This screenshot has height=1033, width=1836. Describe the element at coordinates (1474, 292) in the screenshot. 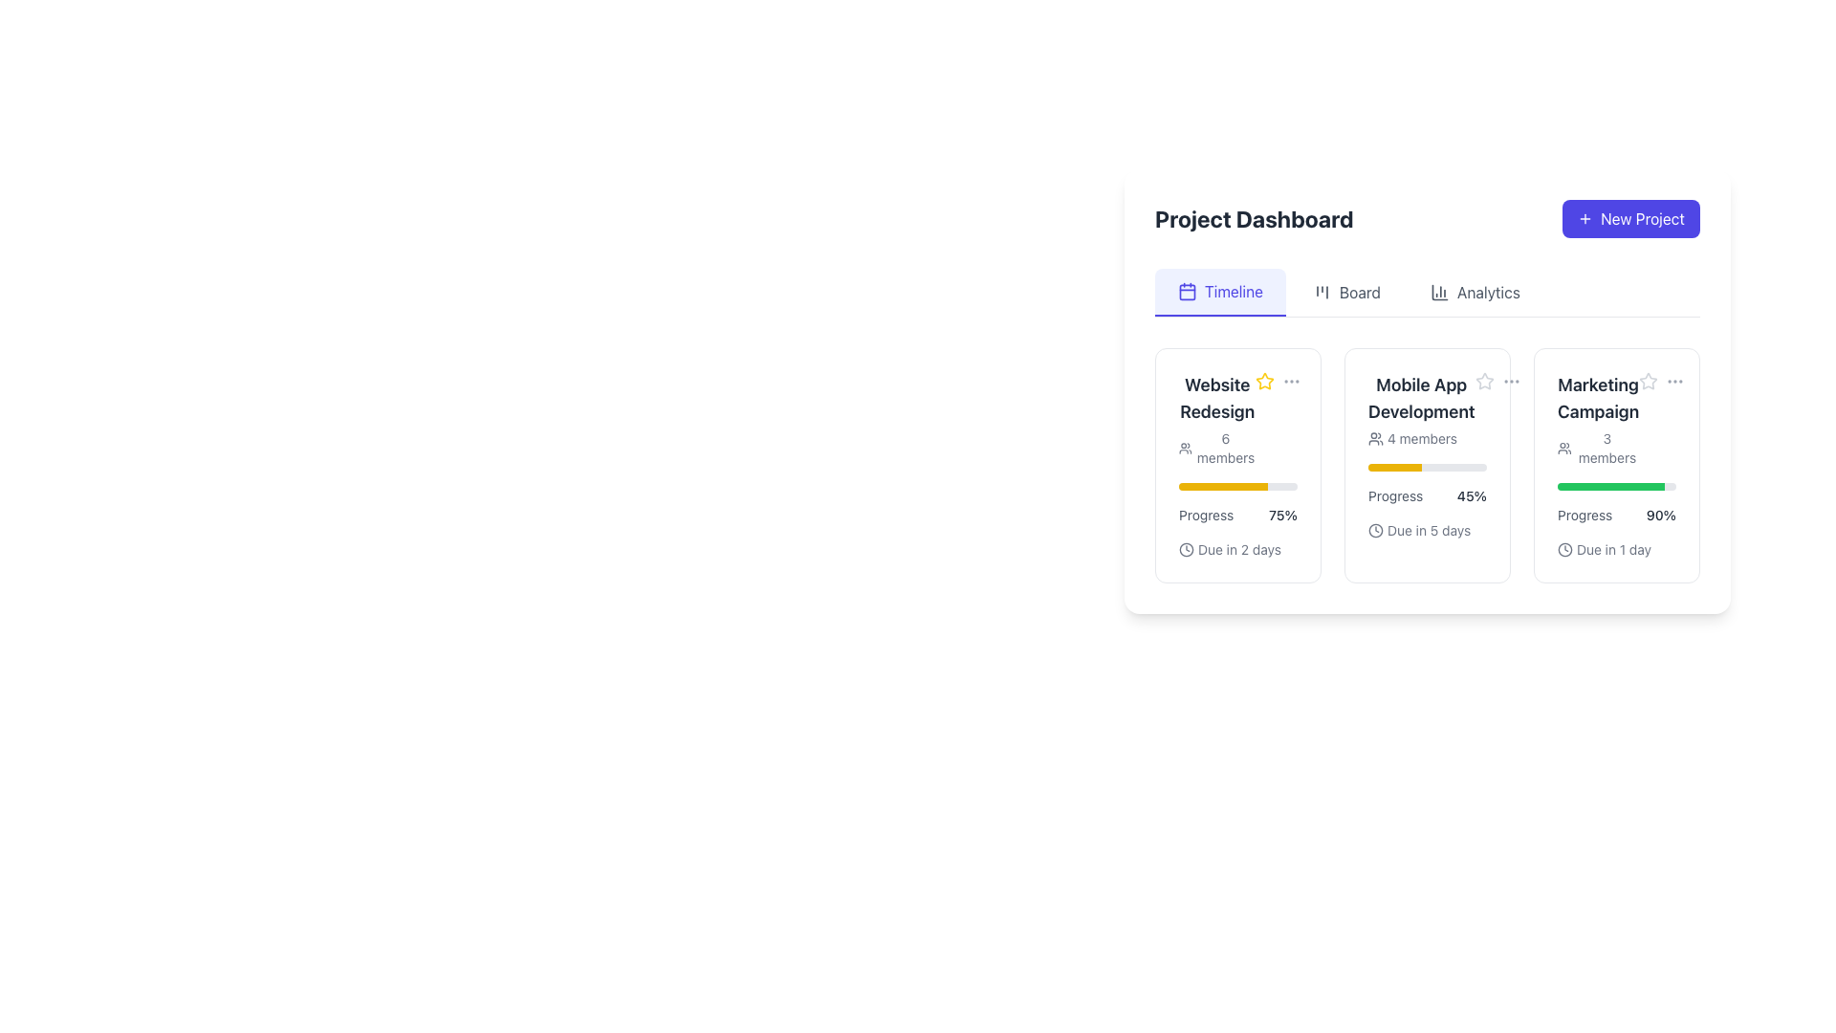

I see `the navigation button that directs to the 'Analytics' section, which is the third tab located between the 'Board' and 'Timeline' tabs` at that location.